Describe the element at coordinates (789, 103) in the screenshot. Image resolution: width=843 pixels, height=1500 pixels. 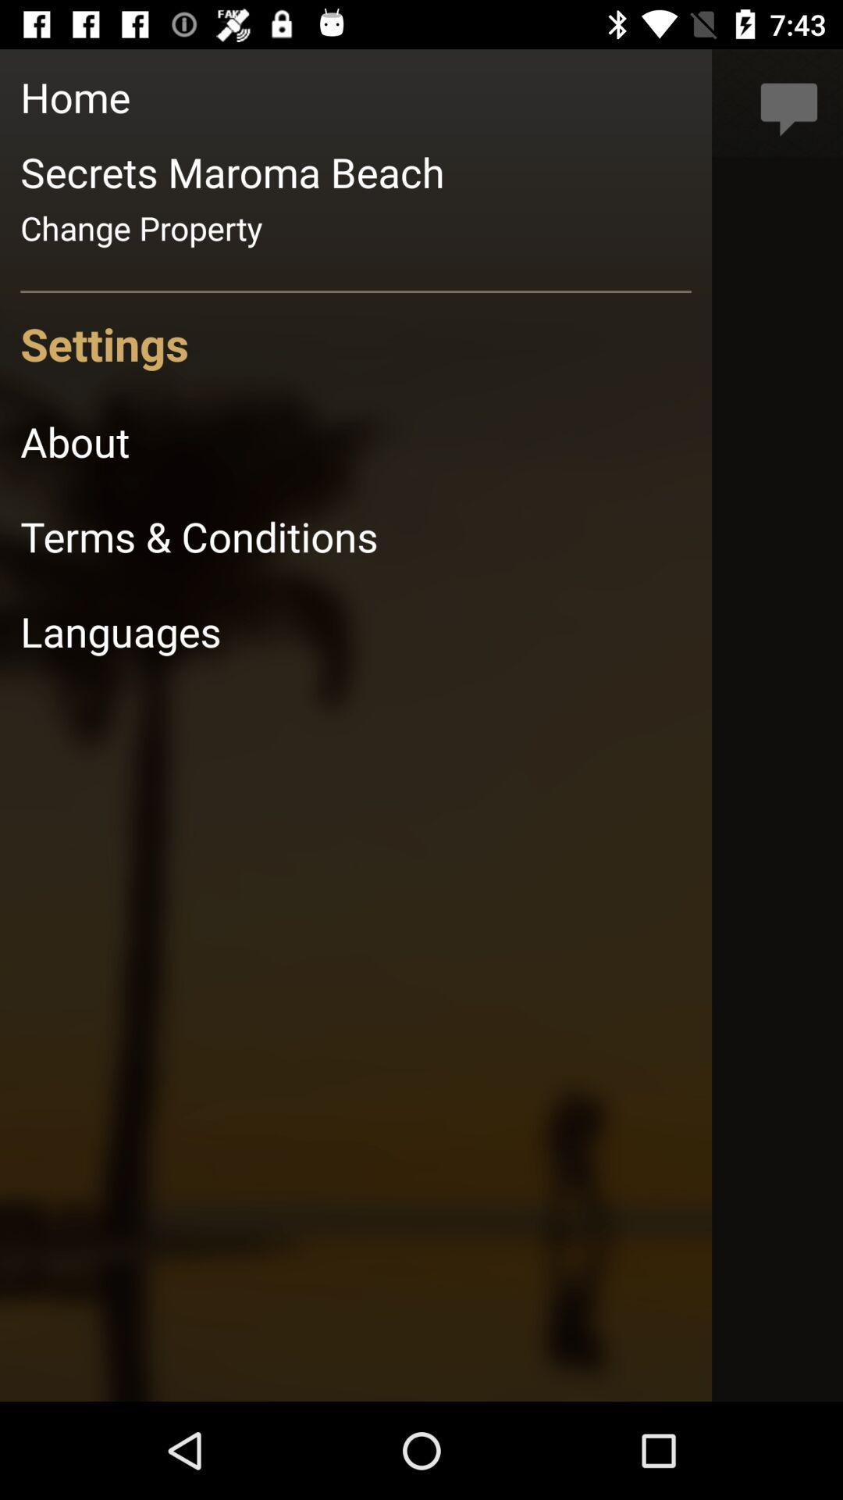
I see `the chat icon` at that location.